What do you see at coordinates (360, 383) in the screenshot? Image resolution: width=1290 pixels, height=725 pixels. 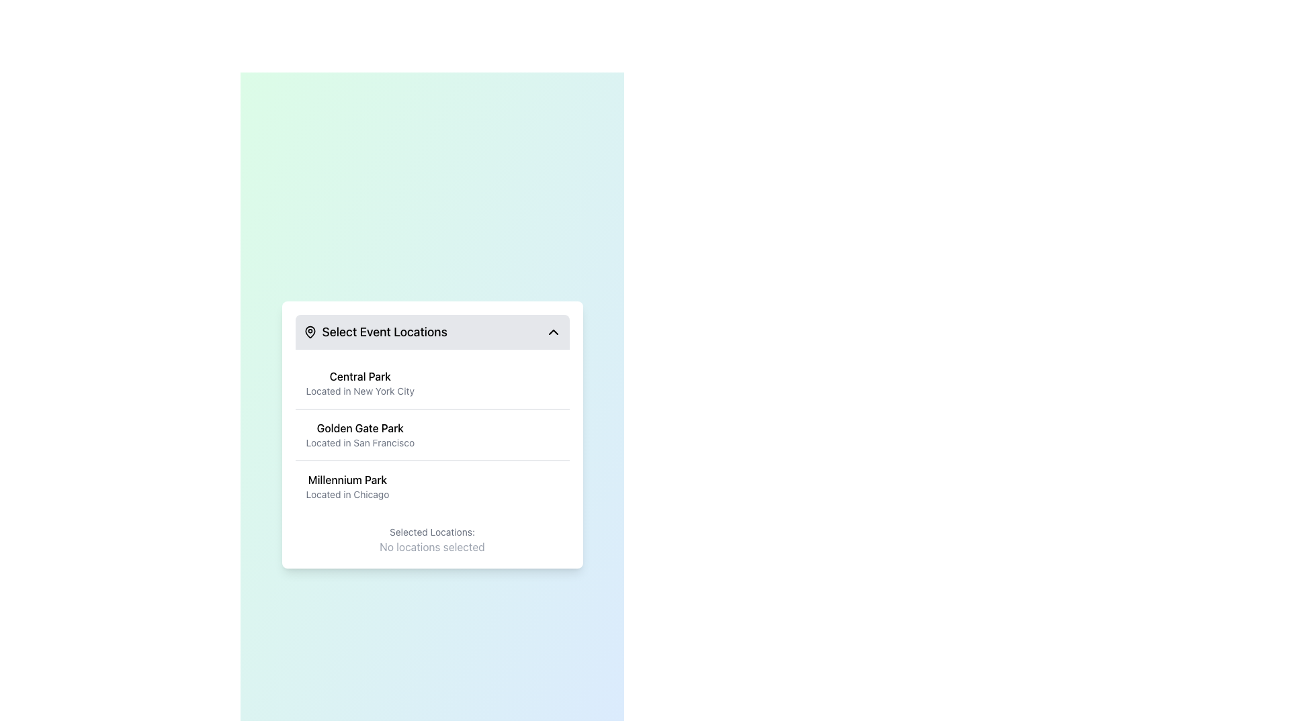 I see `the text element 'Central Park' which is the first item in the list of locations under 'Select Event Locations'` at bounding box center [360, 383].